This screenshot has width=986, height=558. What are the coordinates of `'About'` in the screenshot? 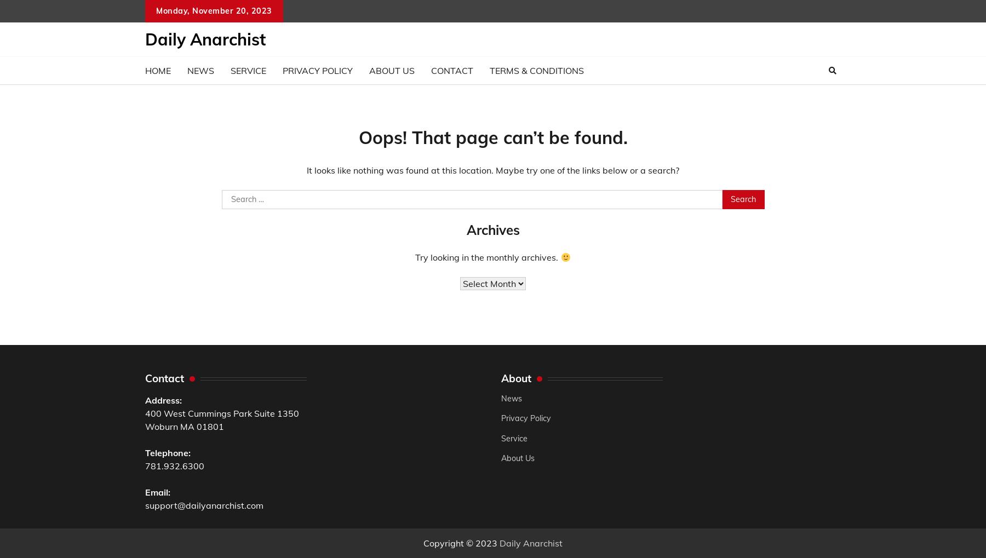 It's located at (515, 377).